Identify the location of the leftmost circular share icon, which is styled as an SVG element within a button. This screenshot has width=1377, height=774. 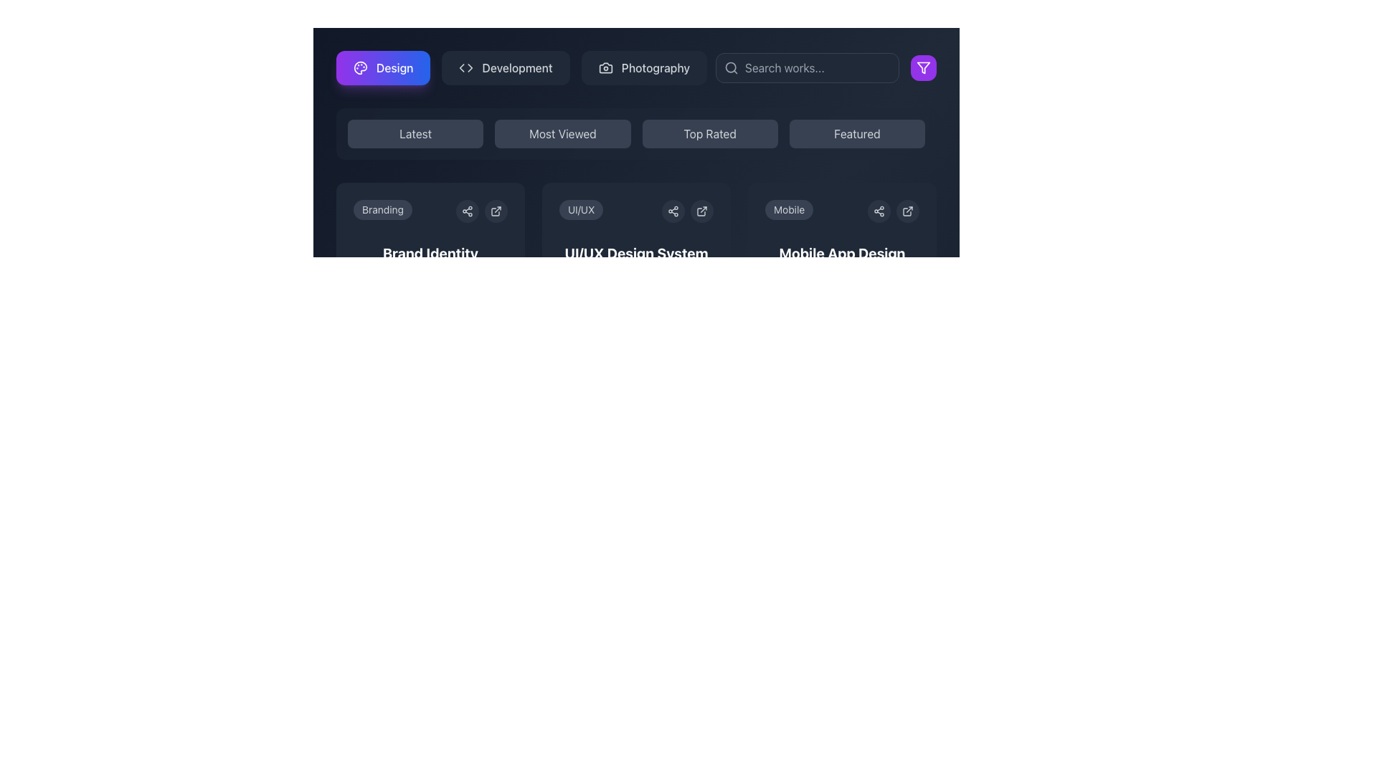
(878, 211).